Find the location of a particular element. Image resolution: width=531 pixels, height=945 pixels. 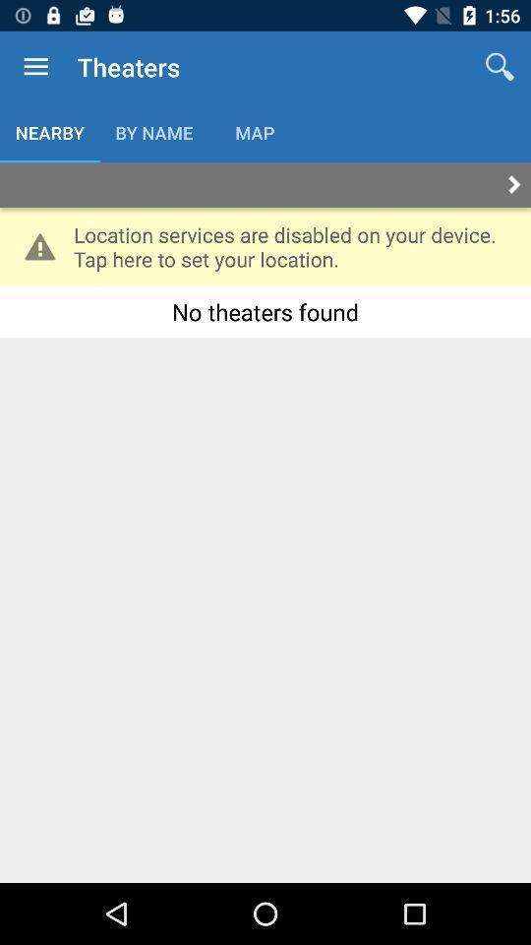

autoplay is located at coordinates (265, 185).